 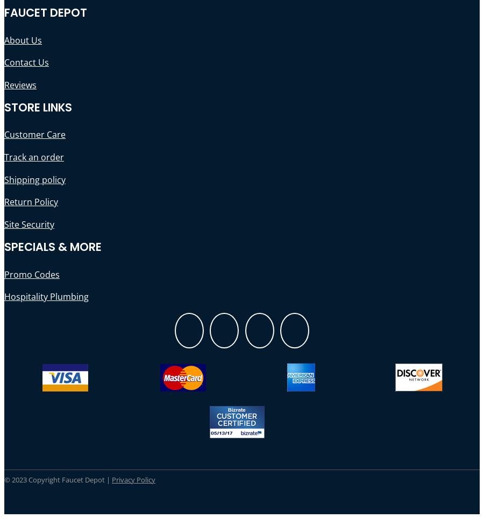 What do you see at coordinates (29, 223) in the screenshot?
I see `'Site Security'` at bounding box center [29, 223].